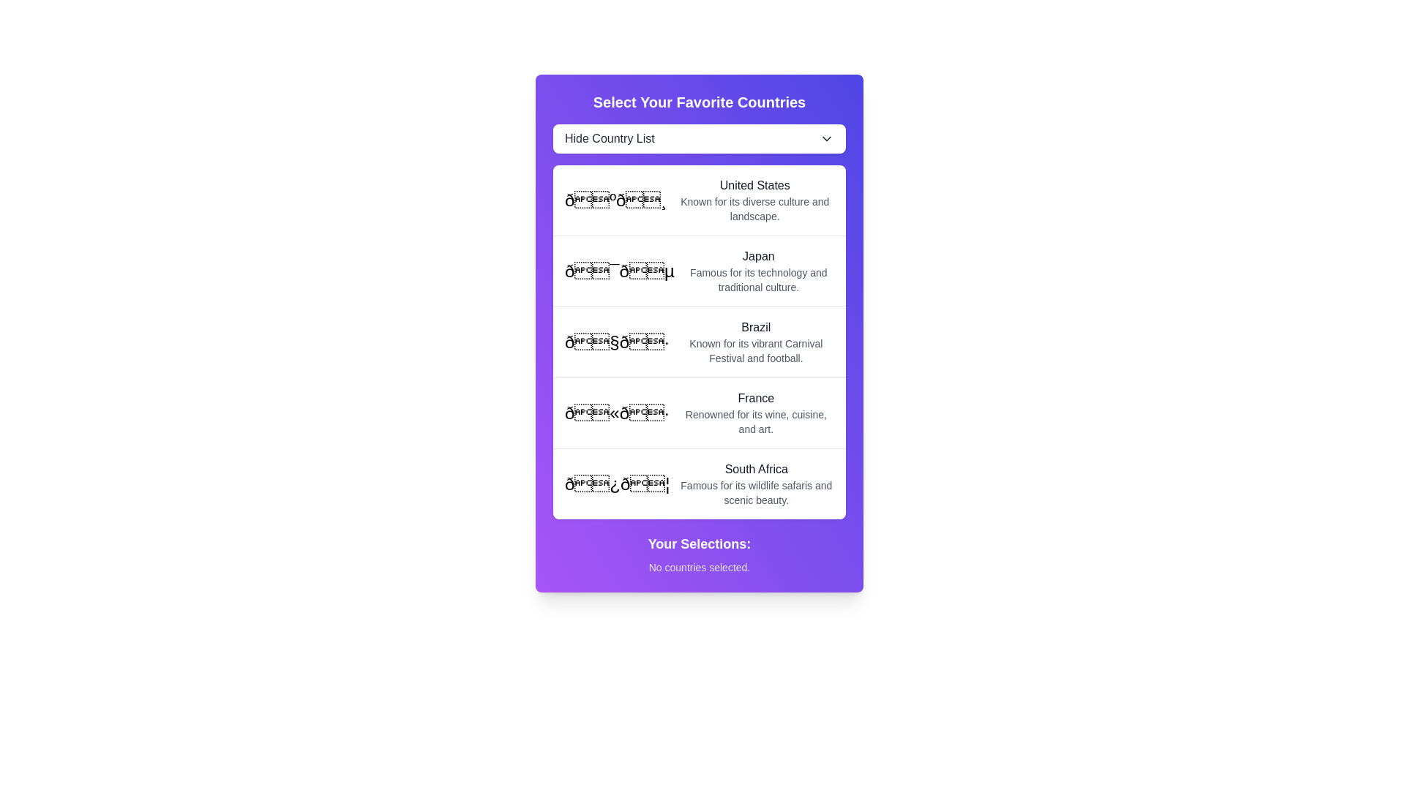 The height and width of the screenshot is (790, 1405). What do you see at coordinates (617, 484) in the screenshot?
I see `the country represented` at bounding box center [617, 484].